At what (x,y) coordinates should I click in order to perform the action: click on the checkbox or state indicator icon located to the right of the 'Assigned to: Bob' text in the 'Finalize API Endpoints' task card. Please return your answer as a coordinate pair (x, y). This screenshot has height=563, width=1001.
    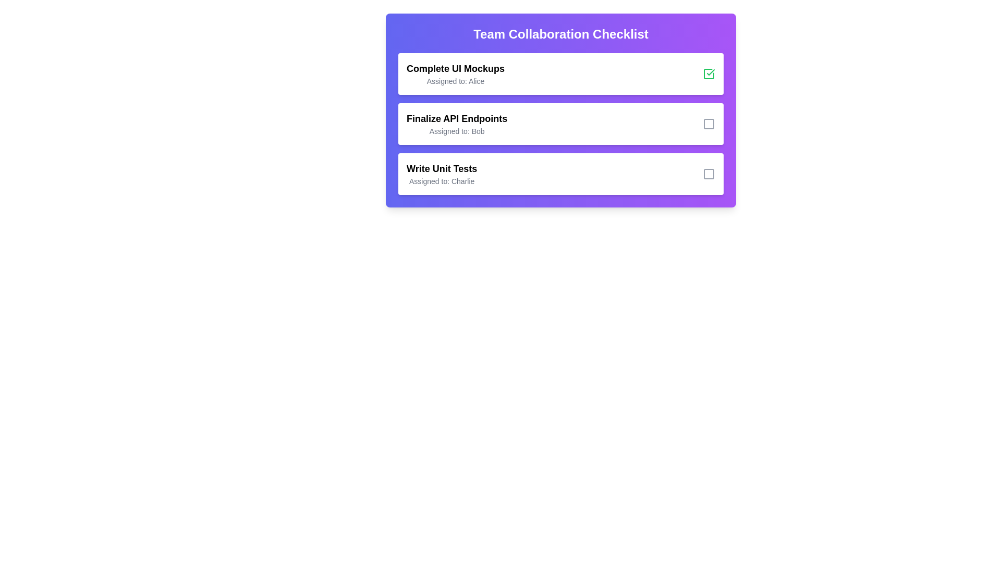
    Looking at the image, I should click on (709, 124).